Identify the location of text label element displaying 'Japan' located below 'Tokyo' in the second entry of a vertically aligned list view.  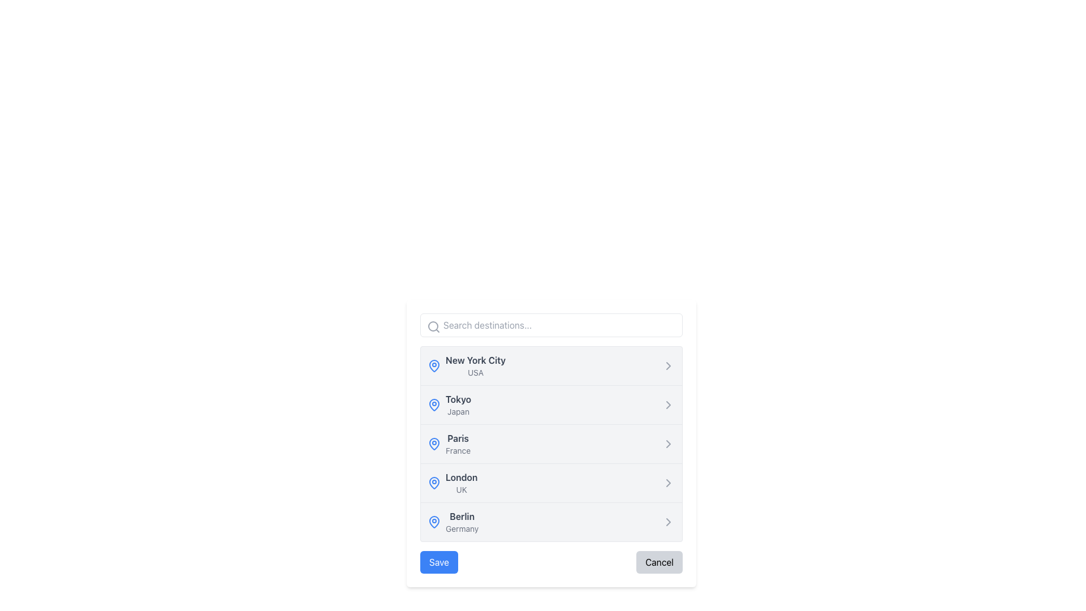
(458, 412).